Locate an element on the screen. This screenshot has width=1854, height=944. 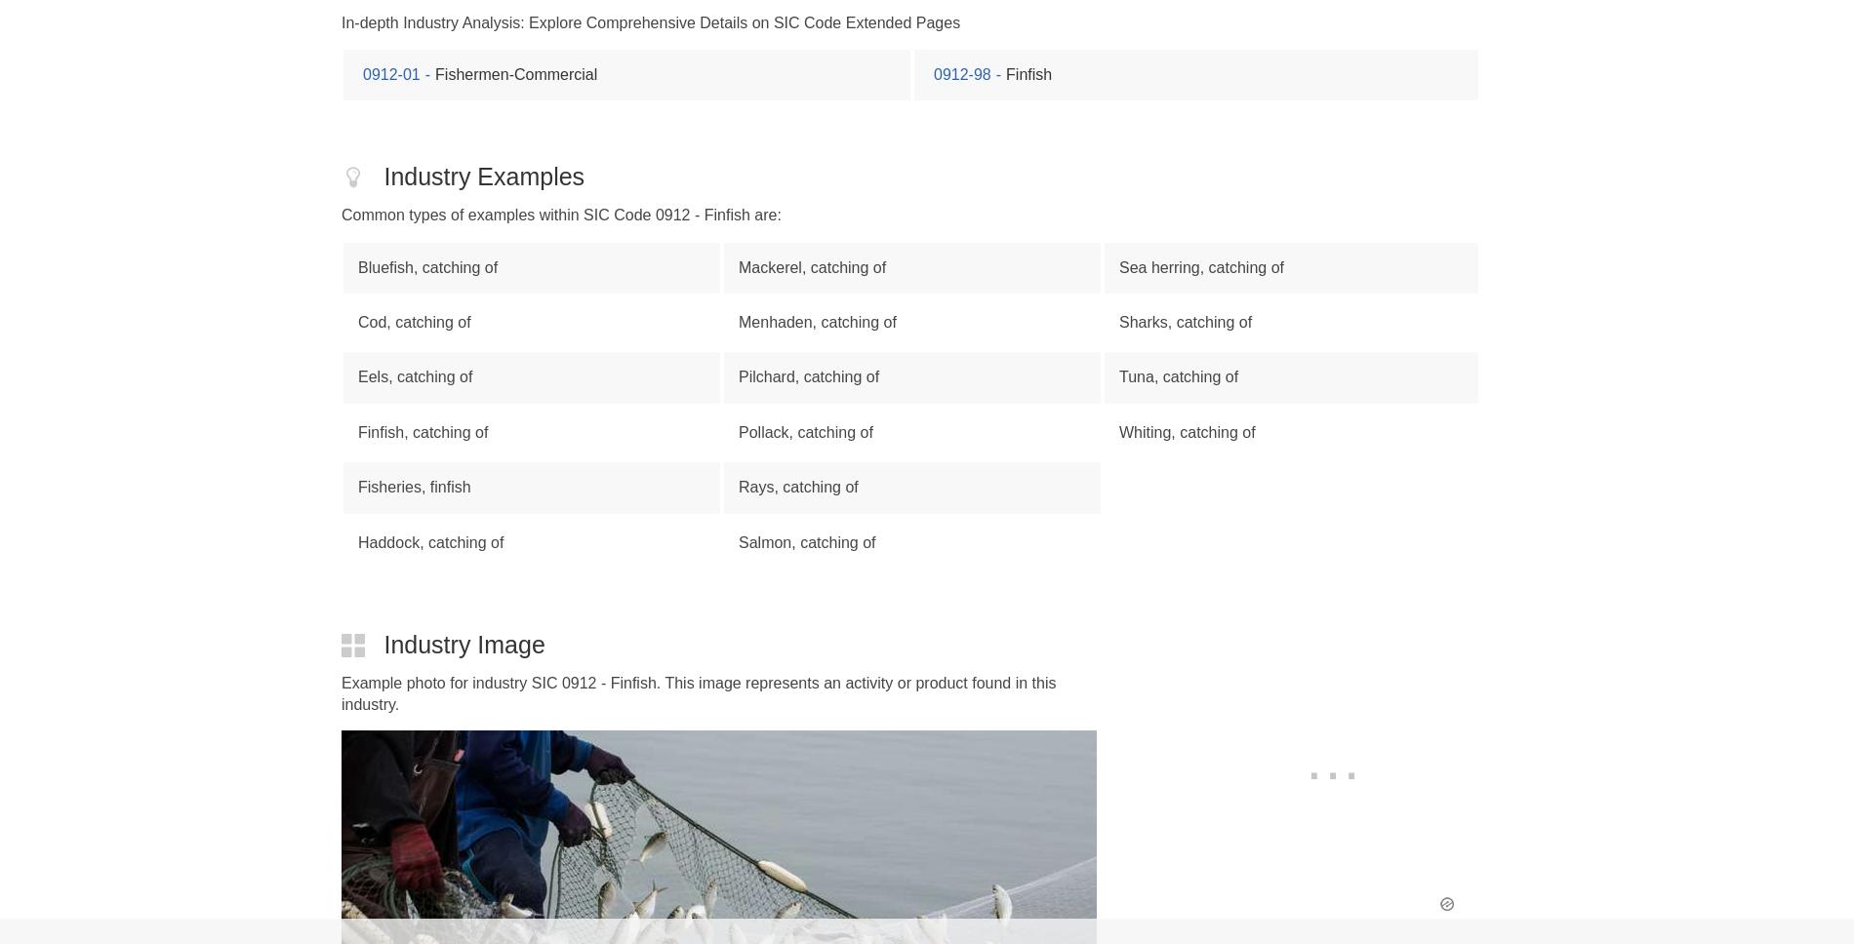
'Menhaden, catching of' is located at coordinates (816, 322).